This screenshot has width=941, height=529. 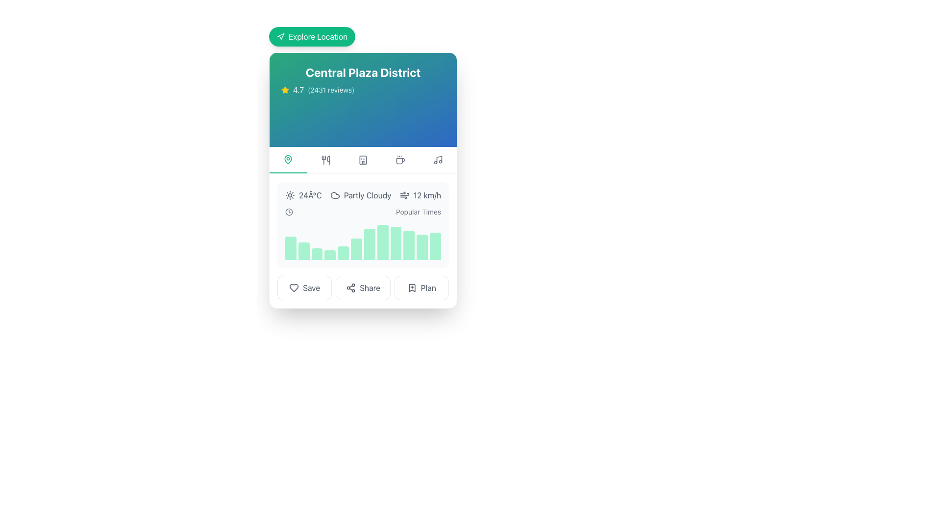 I want to click on the first bar in the horizontally arranged bar graph component, which visually represents data trends and comparisons, so click(x=290, y=247).